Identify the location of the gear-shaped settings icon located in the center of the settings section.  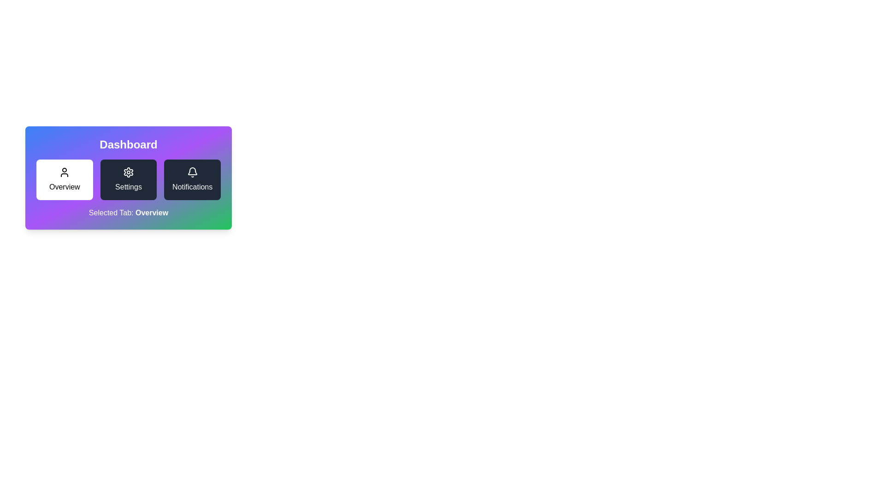
(128, 172).